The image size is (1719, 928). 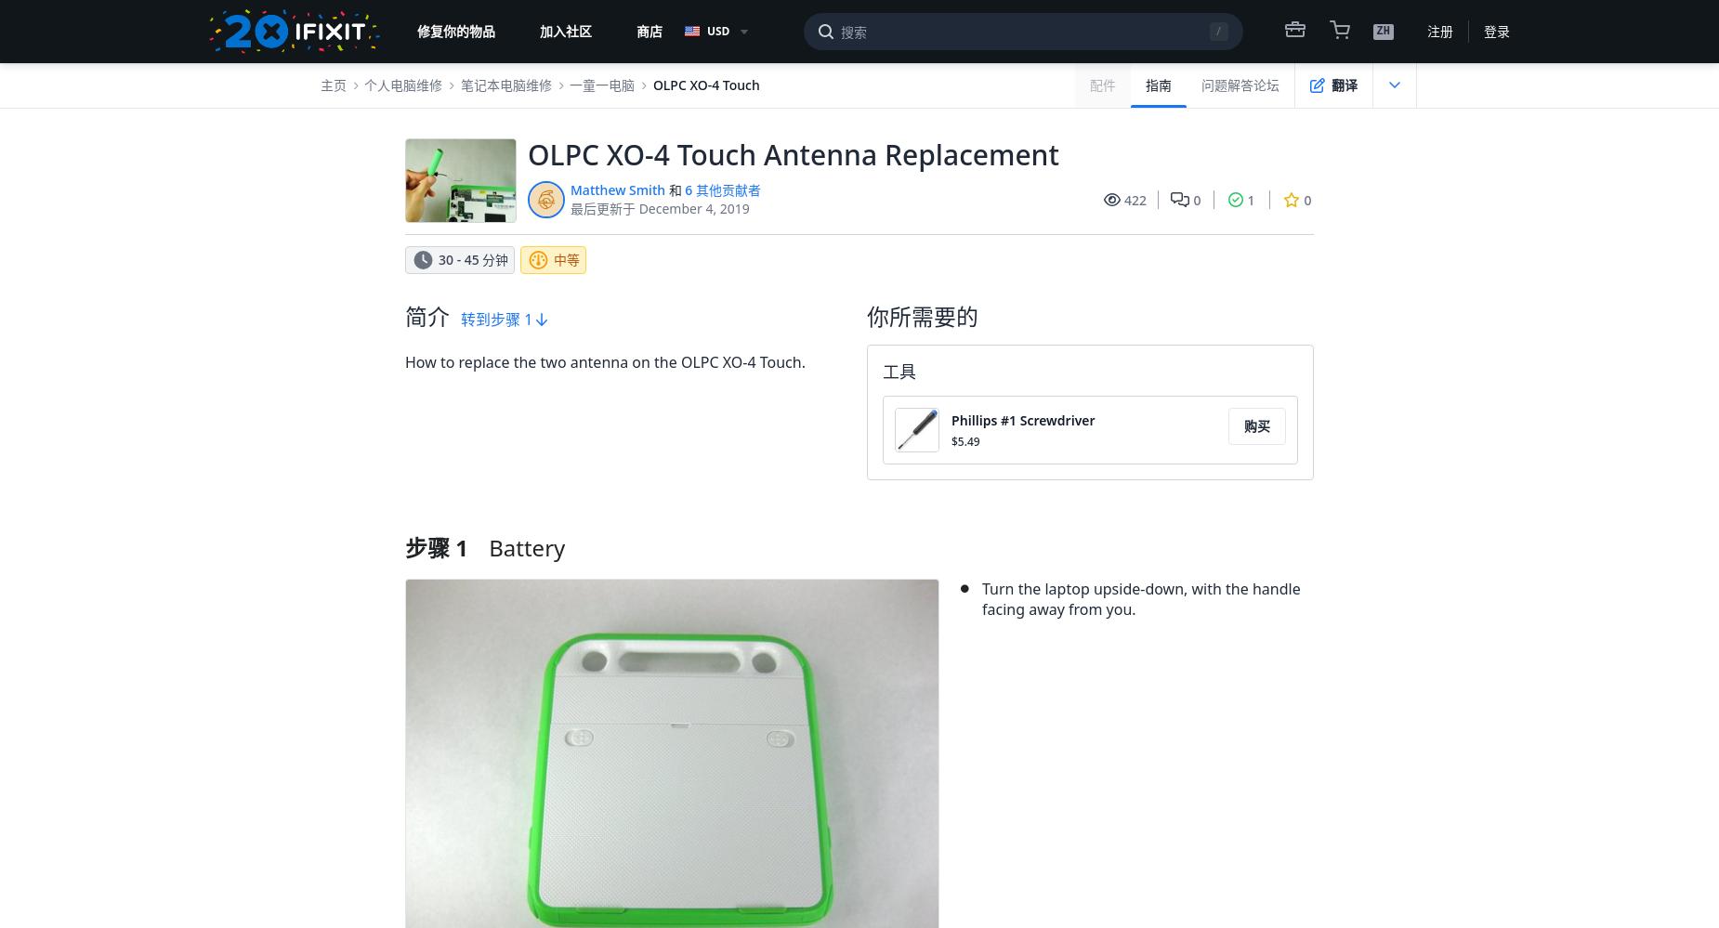 What do you see at coordinates (964, 440) in the screenshot?
I see `'$5.49'` at bounding box center [964, 440].